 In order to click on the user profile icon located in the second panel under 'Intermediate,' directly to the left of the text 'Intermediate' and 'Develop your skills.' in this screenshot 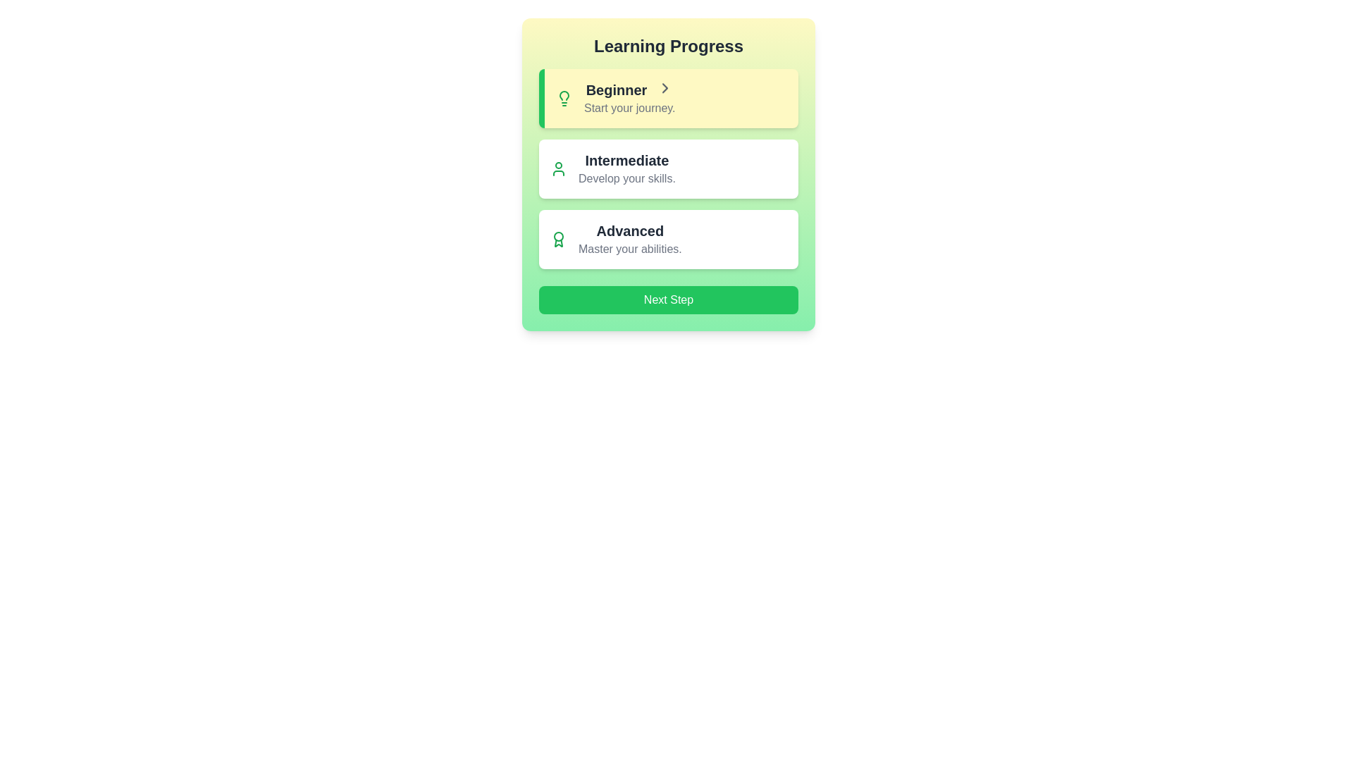, I will do `click(557, 168)`.